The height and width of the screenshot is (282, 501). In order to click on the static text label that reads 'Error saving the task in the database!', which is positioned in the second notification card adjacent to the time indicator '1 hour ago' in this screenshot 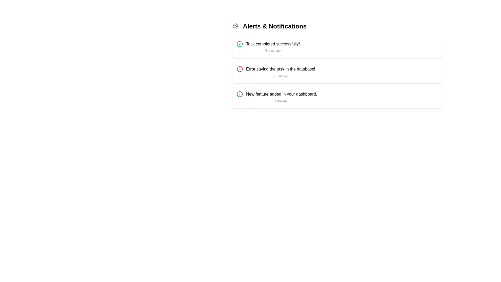, I will do `click(280, 69)`.